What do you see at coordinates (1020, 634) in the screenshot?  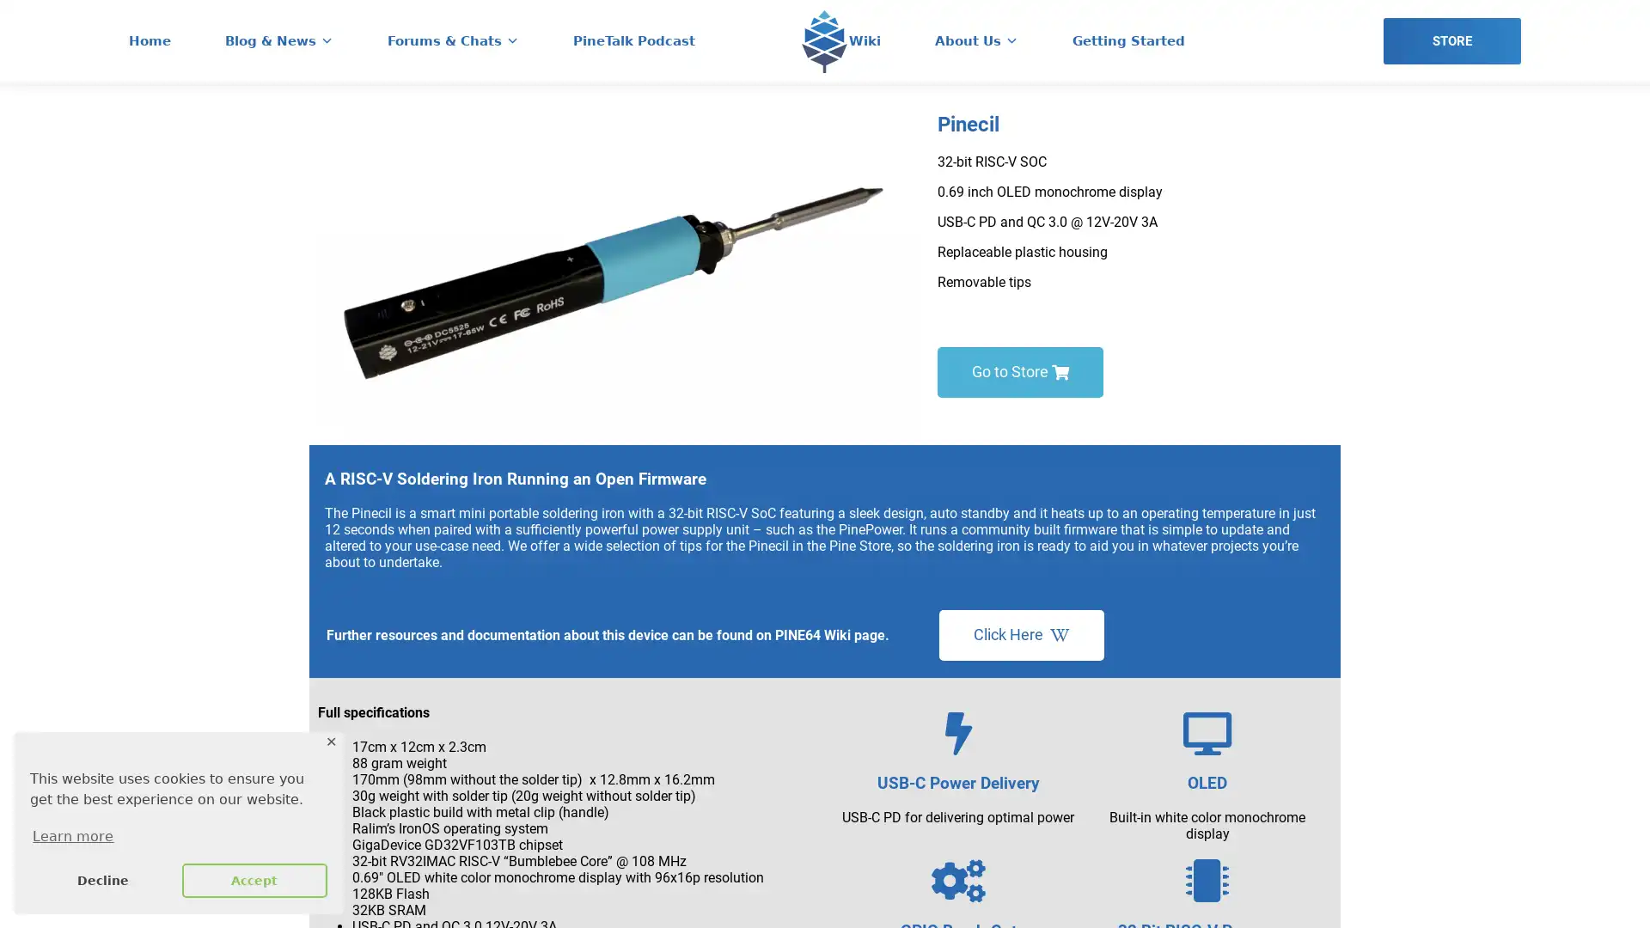 I see `Click Here` at bounding box center [1020, 634].